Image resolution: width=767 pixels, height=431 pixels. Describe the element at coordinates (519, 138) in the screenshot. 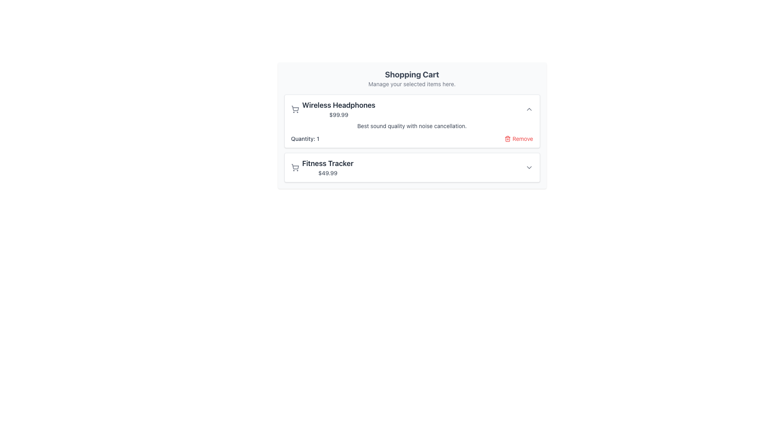

I see `the styled 'Remove' button with a trashcan icon, located to the right of the 'Quantity: 1' text in the shopping cart interface under the 'Wireless Headphones' item` at that location.